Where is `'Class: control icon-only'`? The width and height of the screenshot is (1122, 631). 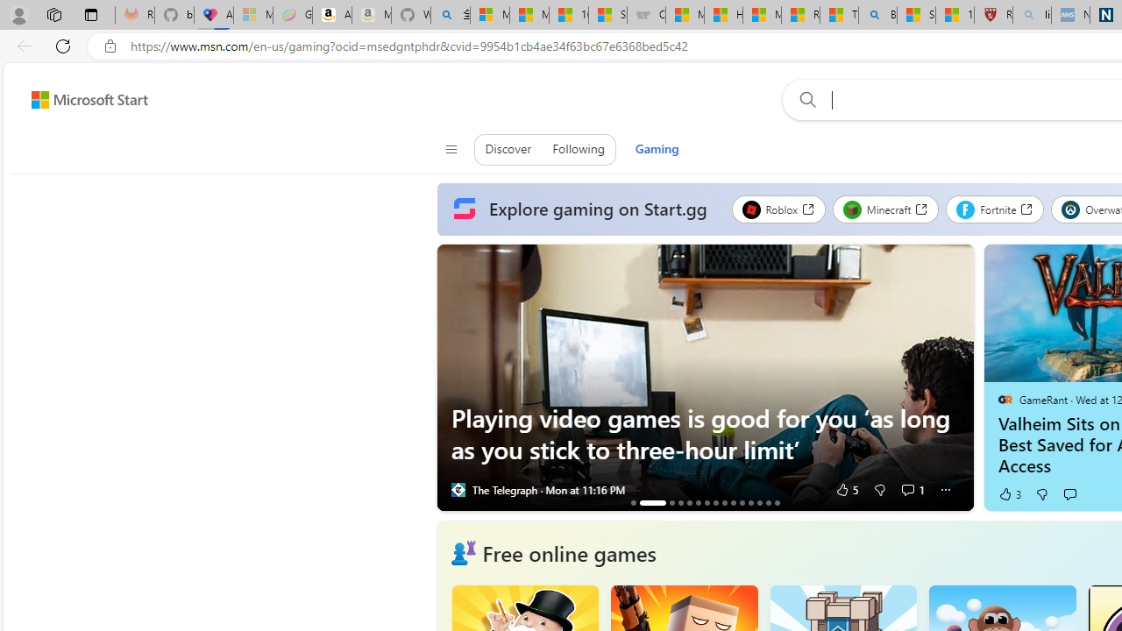 'Class: control icon-only' is located at coordinates (451, 149).